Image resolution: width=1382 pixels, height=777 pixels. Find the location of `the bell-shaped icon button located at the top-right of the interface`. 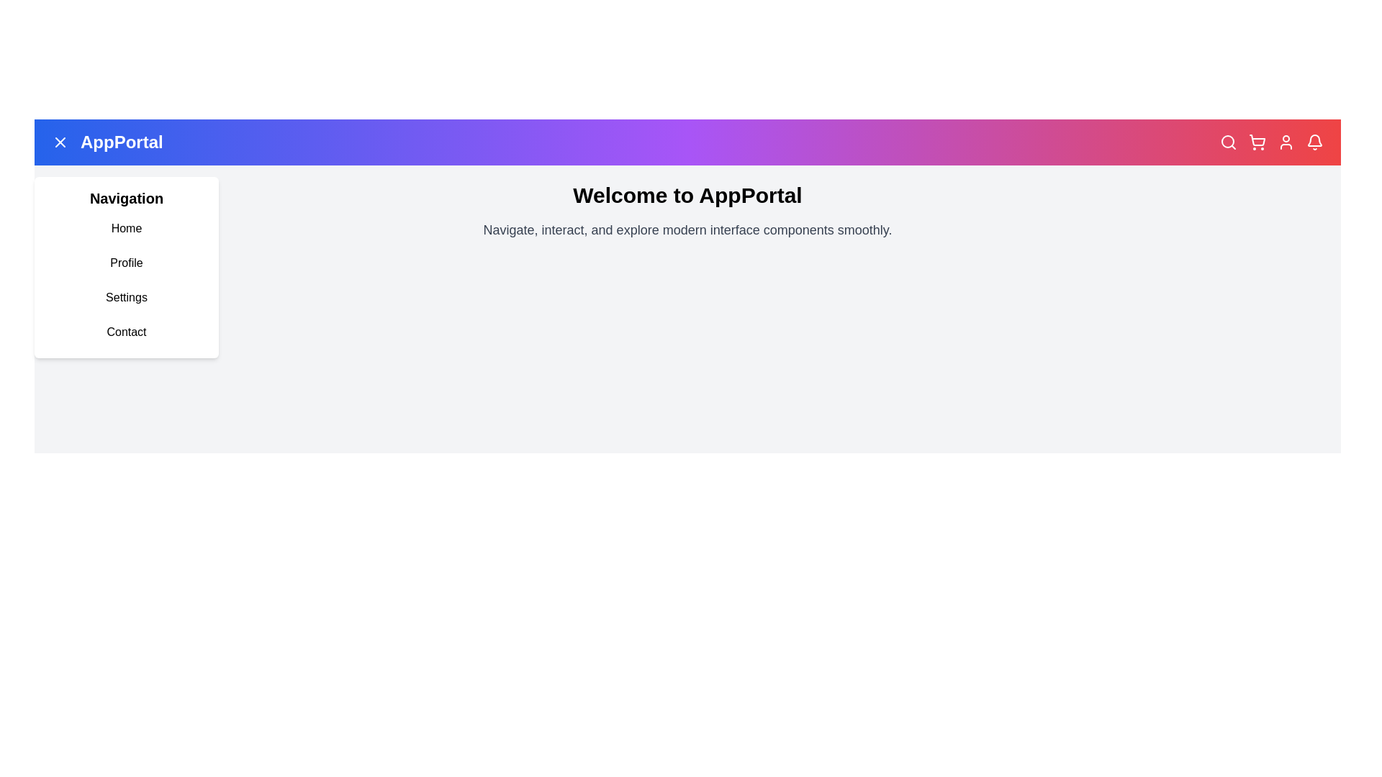

the bell-shaped icon button located at the top-right of the interface is located at coordinates (1315, 140).